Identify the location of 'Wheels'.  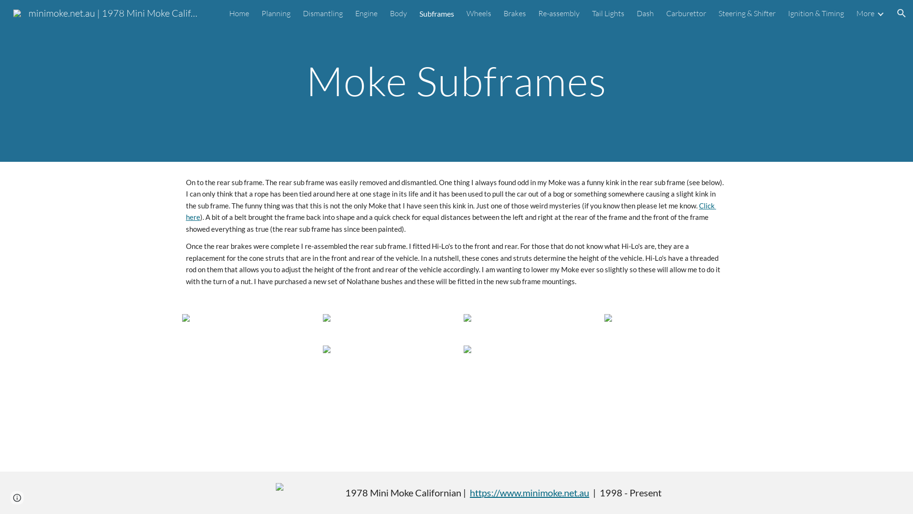
(479, 13).